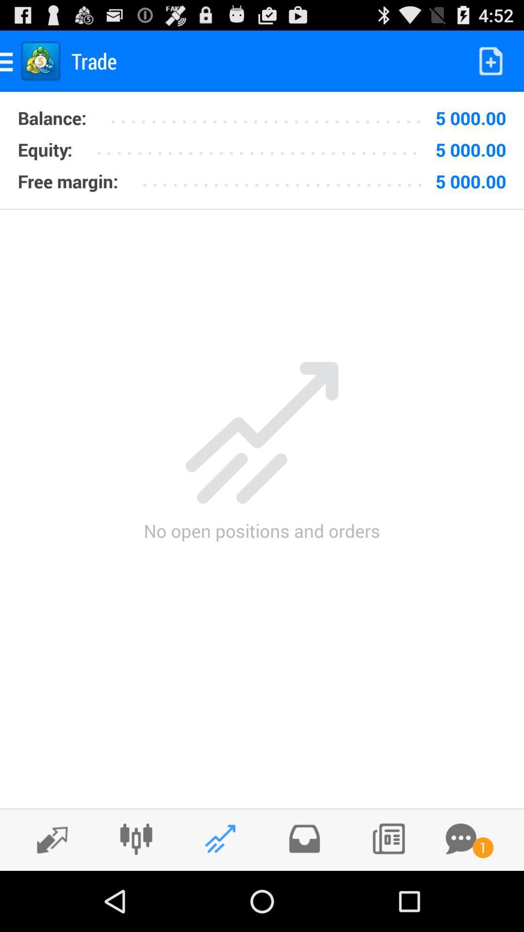 Image resolution: width=524 pixels, height=932 pixels. Describe the element at coordinates (262, 146) in the screenshot. I see `item to the left of the 5 000.00 icon` at that location.